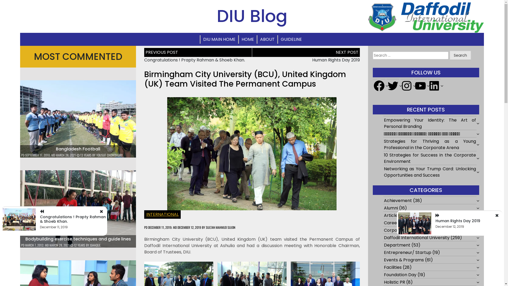 The width and height of the screenshot is (508, 286). What do you see at coordinates (391, 215) in the screenshot?
I see `'Article'` at bounding box center [391, 215].